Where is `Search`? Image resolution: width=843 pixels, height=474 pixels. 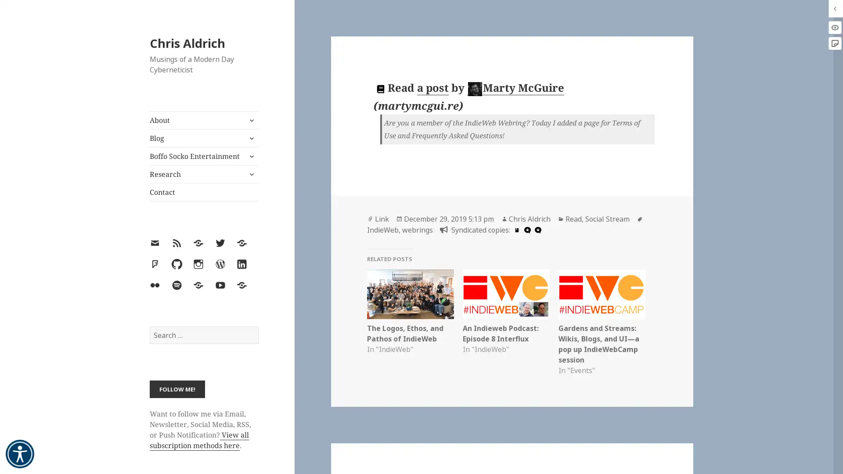
Search is located at coordinates (257, 326).